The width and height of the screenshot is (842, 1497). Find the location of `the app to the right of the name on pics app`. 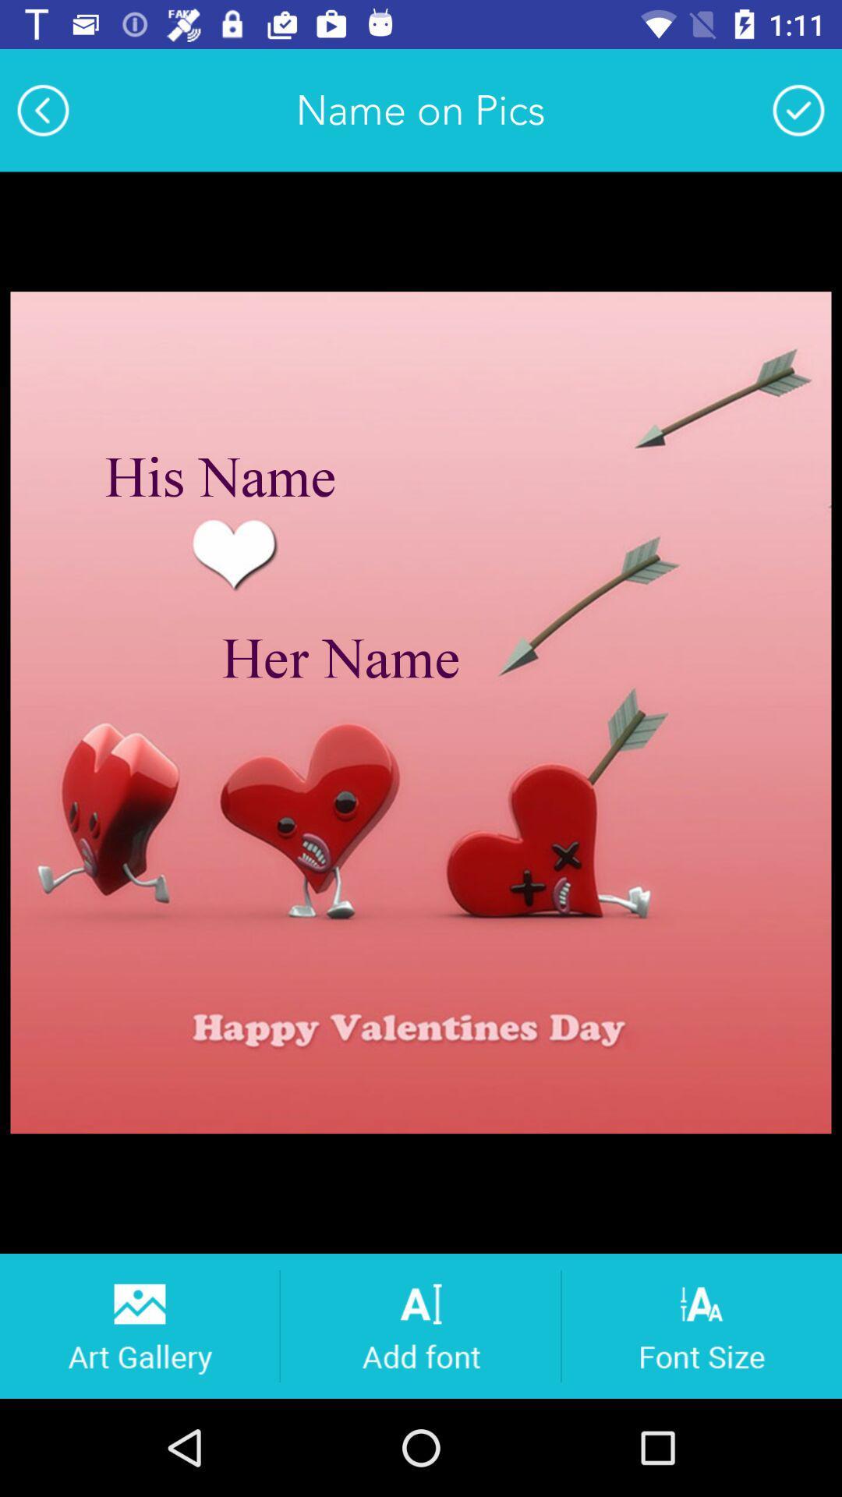

the app to the right of the name on pics app is located at coordinates (798, 109).